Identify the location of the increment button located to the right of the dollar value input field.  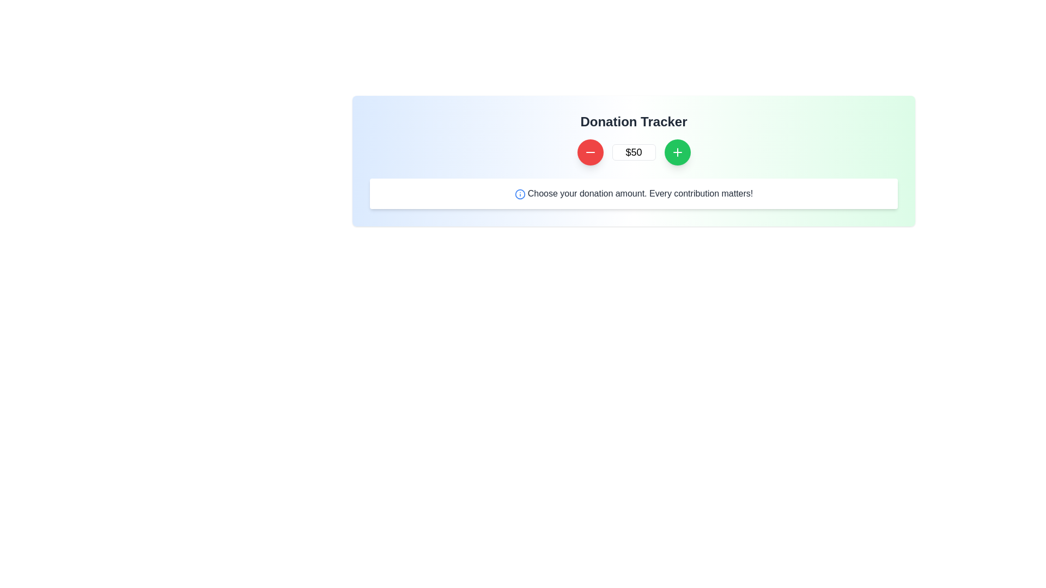
(677, 152).